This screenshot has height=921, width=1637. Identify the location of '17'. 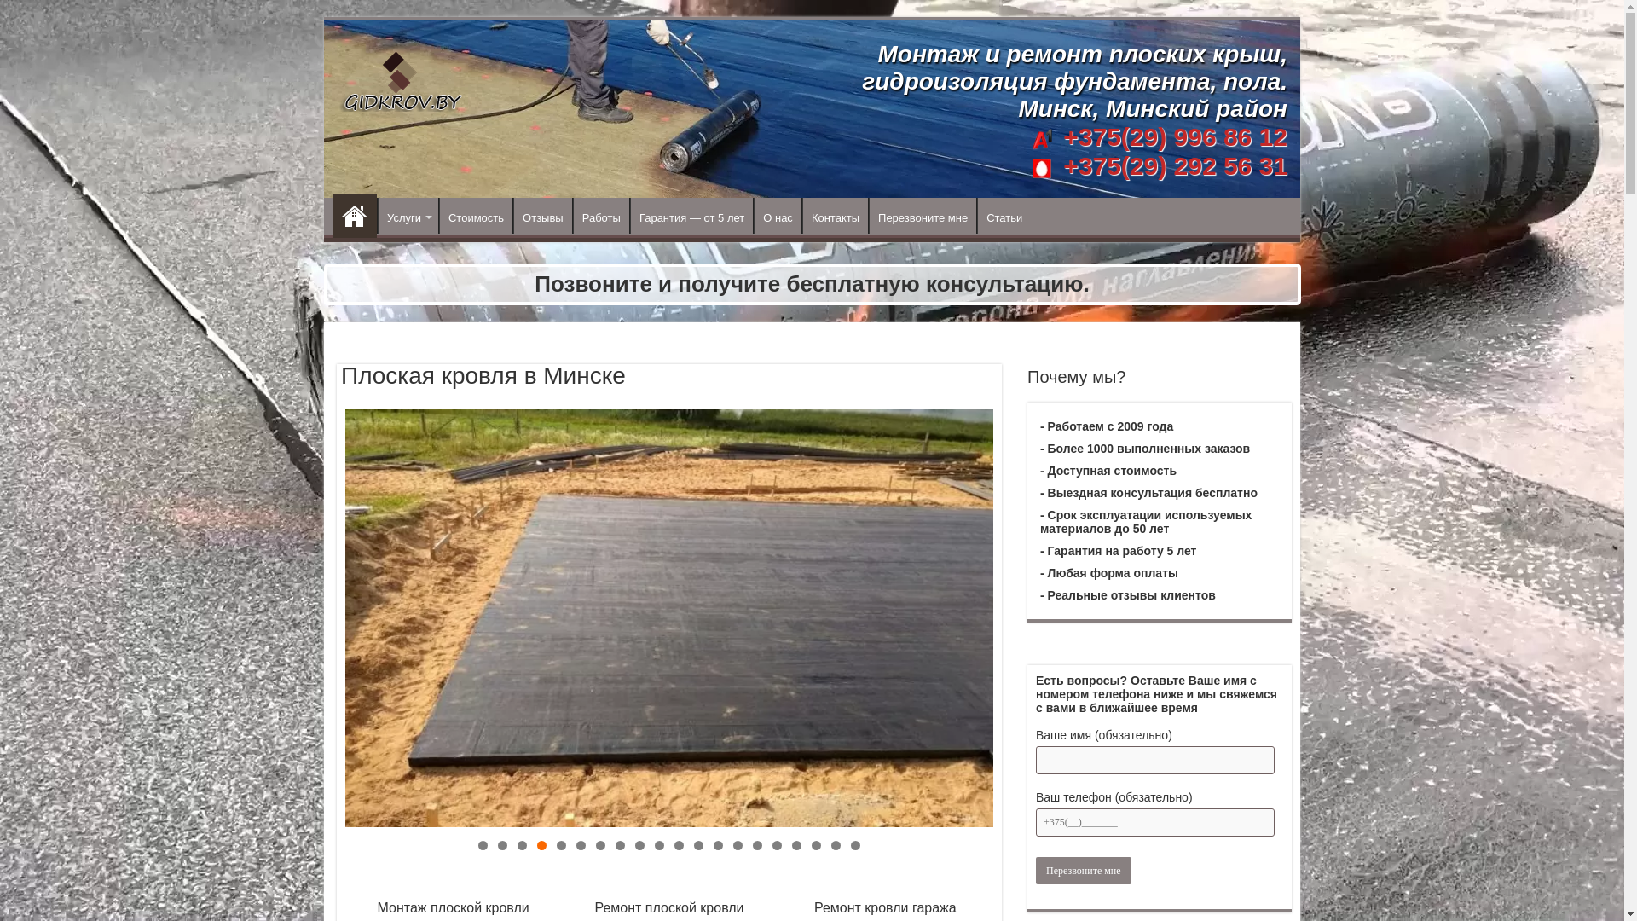
(795, 845).